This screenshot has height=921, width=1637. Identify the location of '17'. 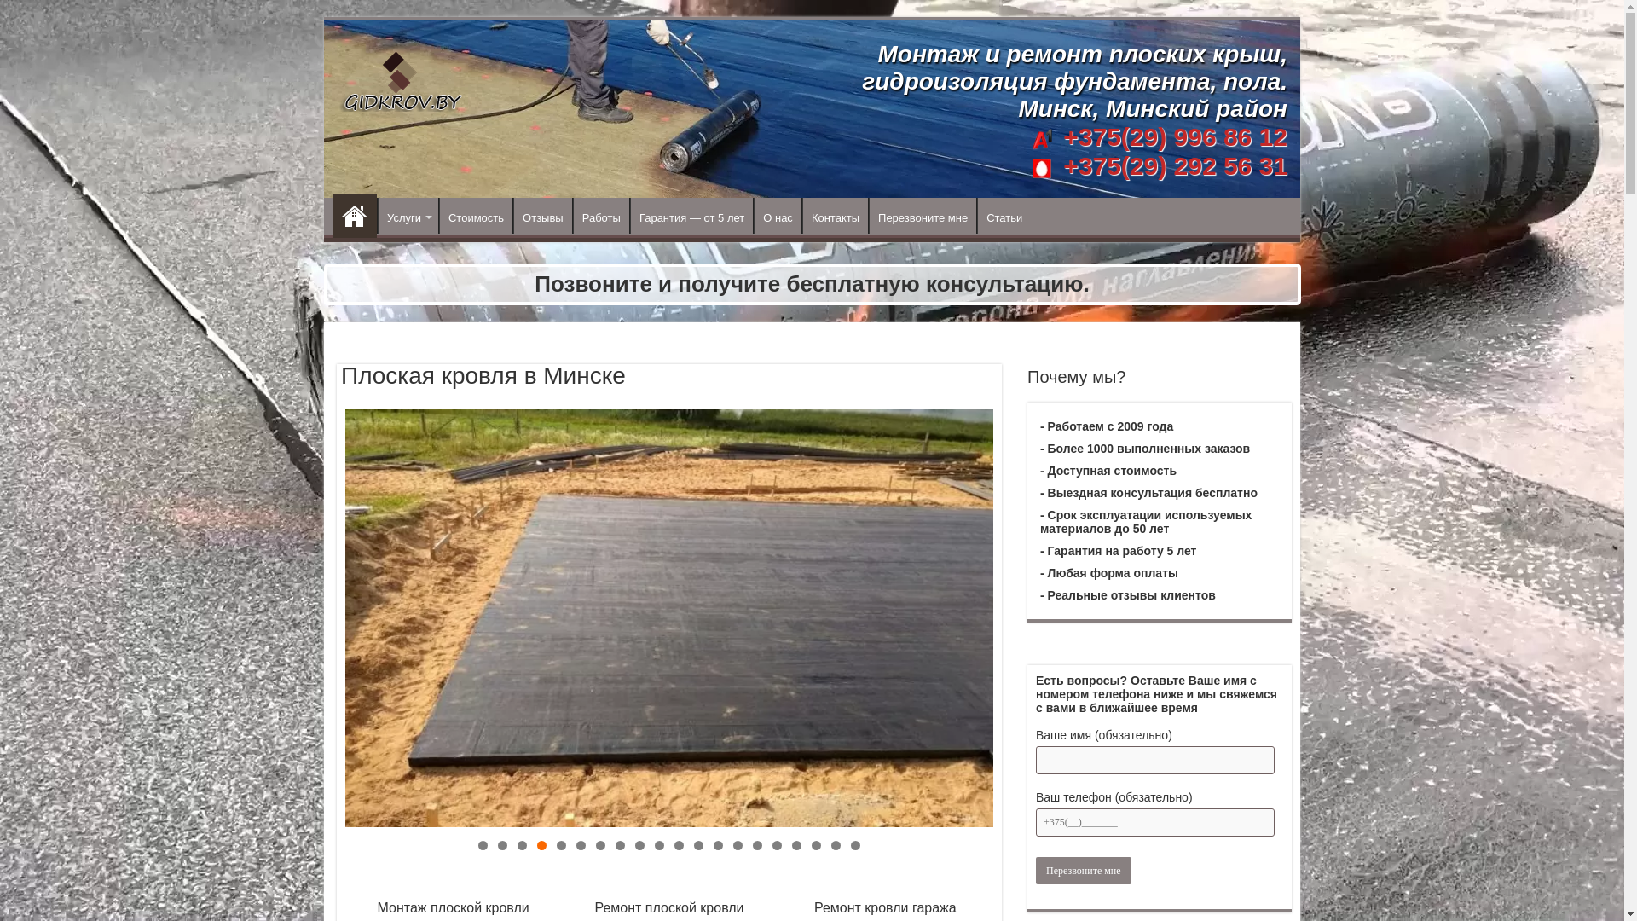
(795, 845).